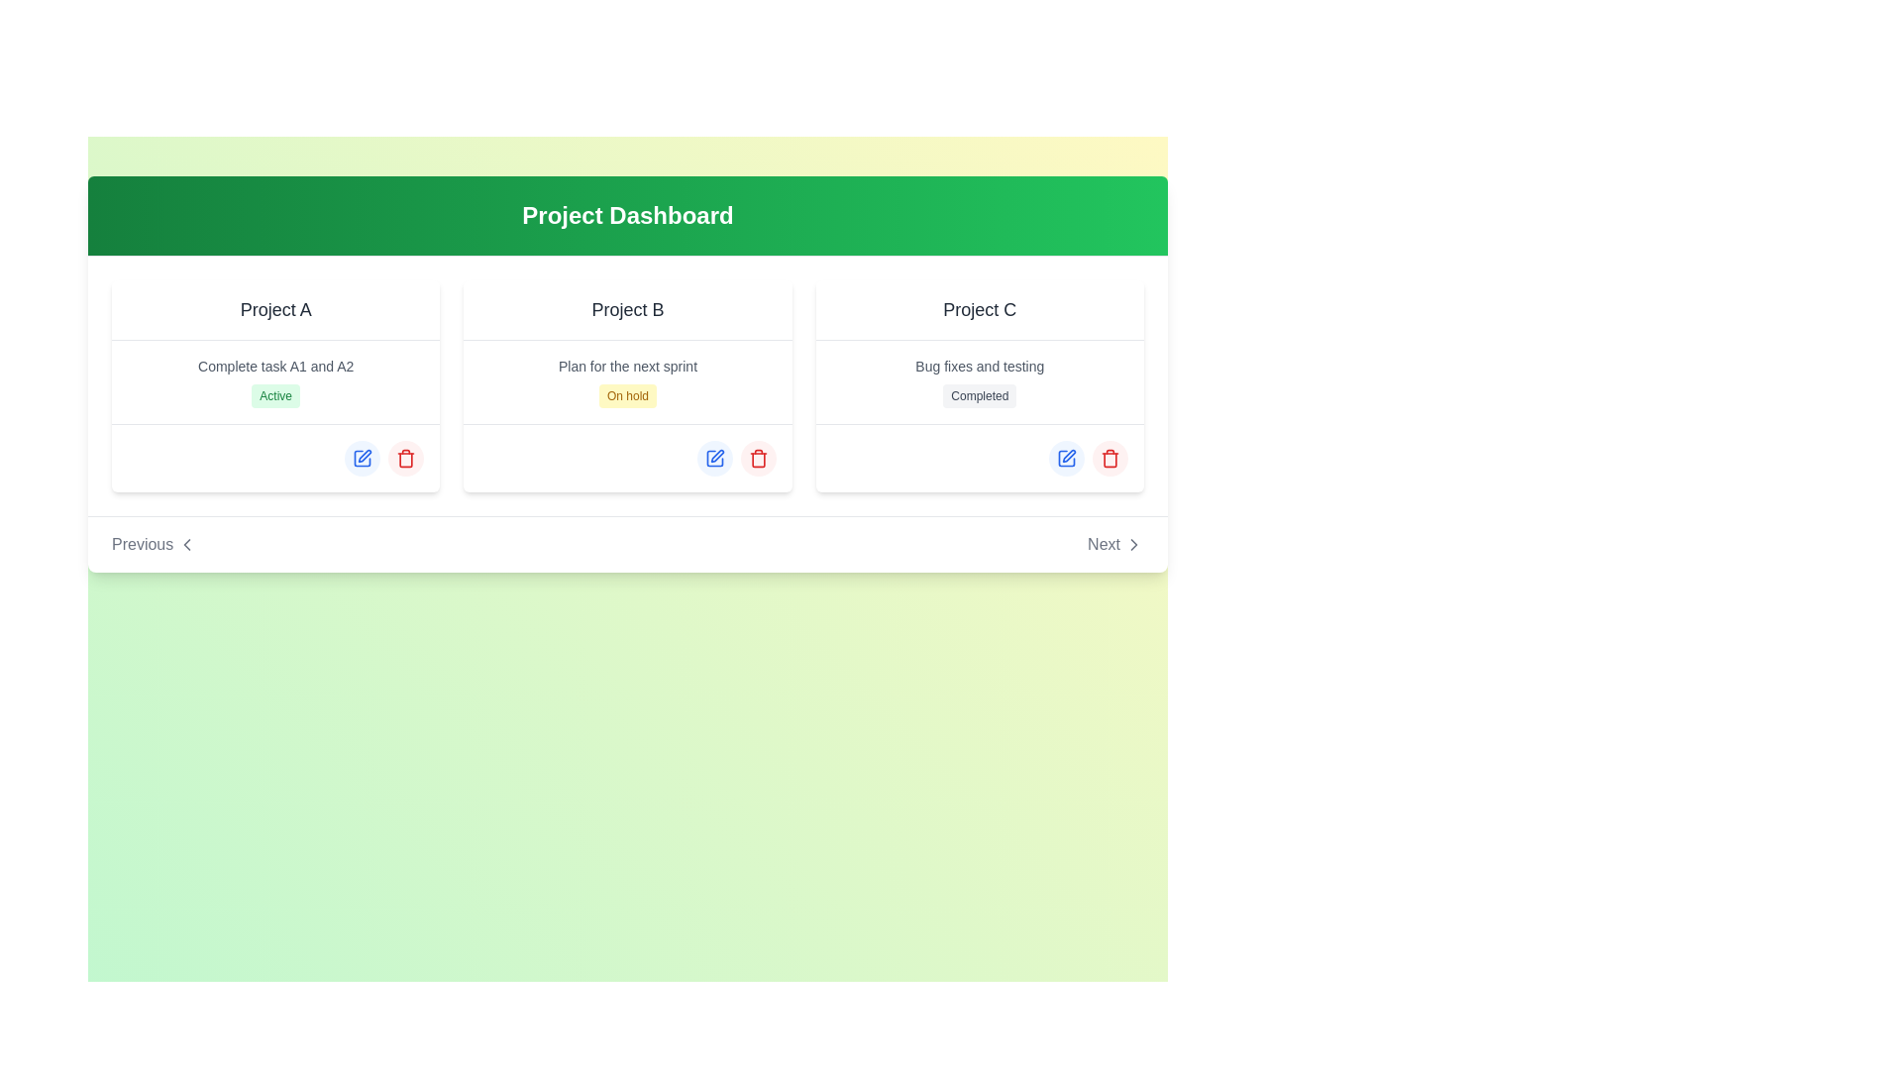 This screenshot has width=1902, height=1070. Describe the element at coordinates (274, 396) in the screenshot. I see `the Status label that indicates the project is currently active, located within the 'Project Dashboard' under 'Project A', positioned below 'Complete task A1 and A2'` at that location.